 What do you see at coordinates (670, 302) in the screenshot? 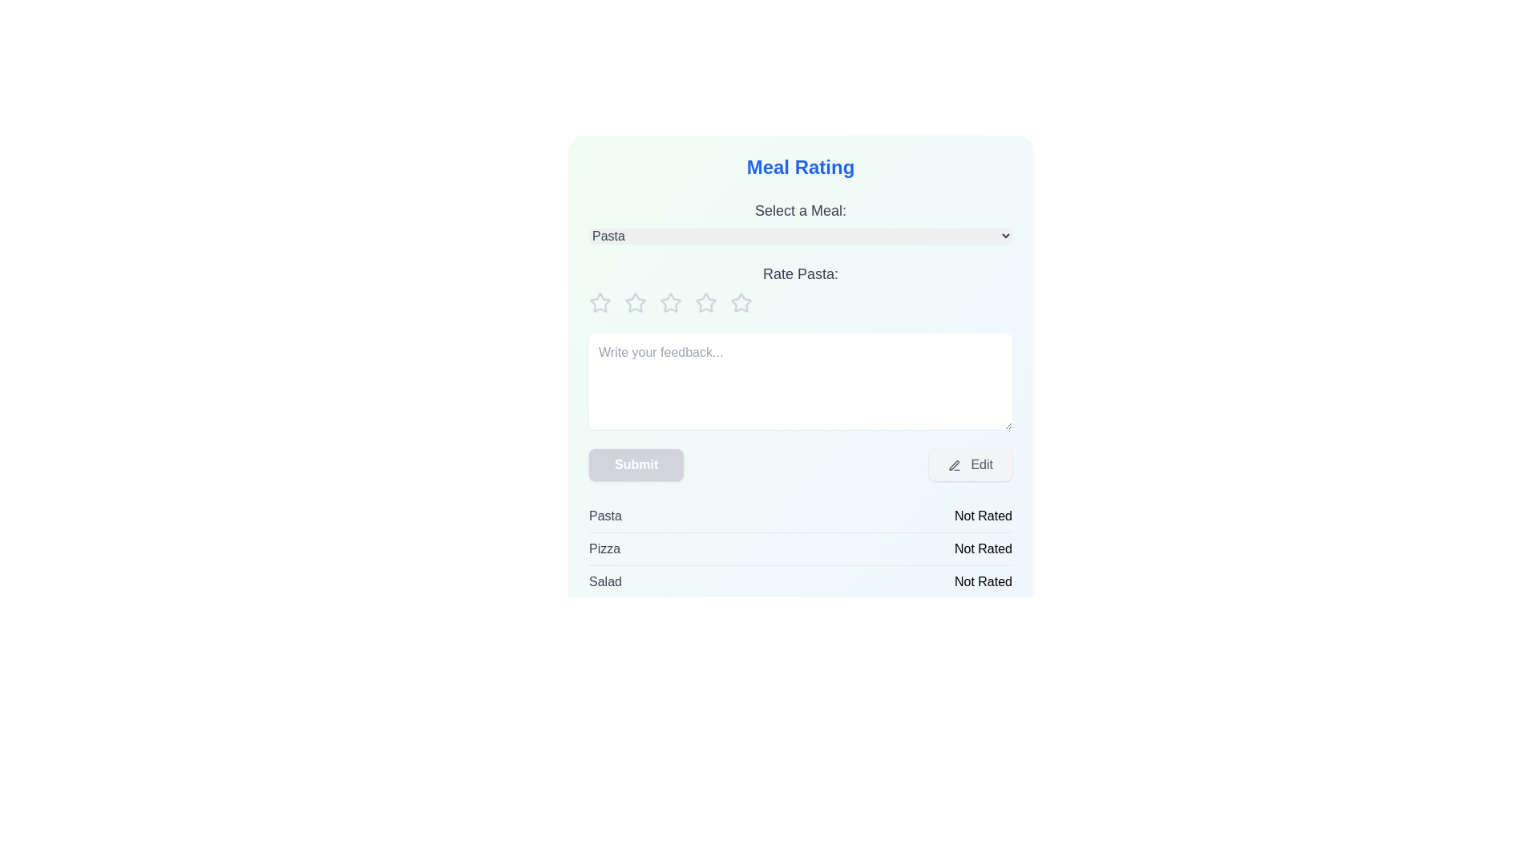
I see `the second star icon in the rating system for the meal 'Pasta'` at bounding box center [670, 302].